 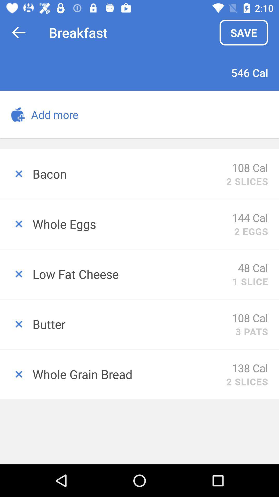 What do you see at coordinates (16, 324) in the screenshot?
I see `delete` at bounding box center [16, 324].